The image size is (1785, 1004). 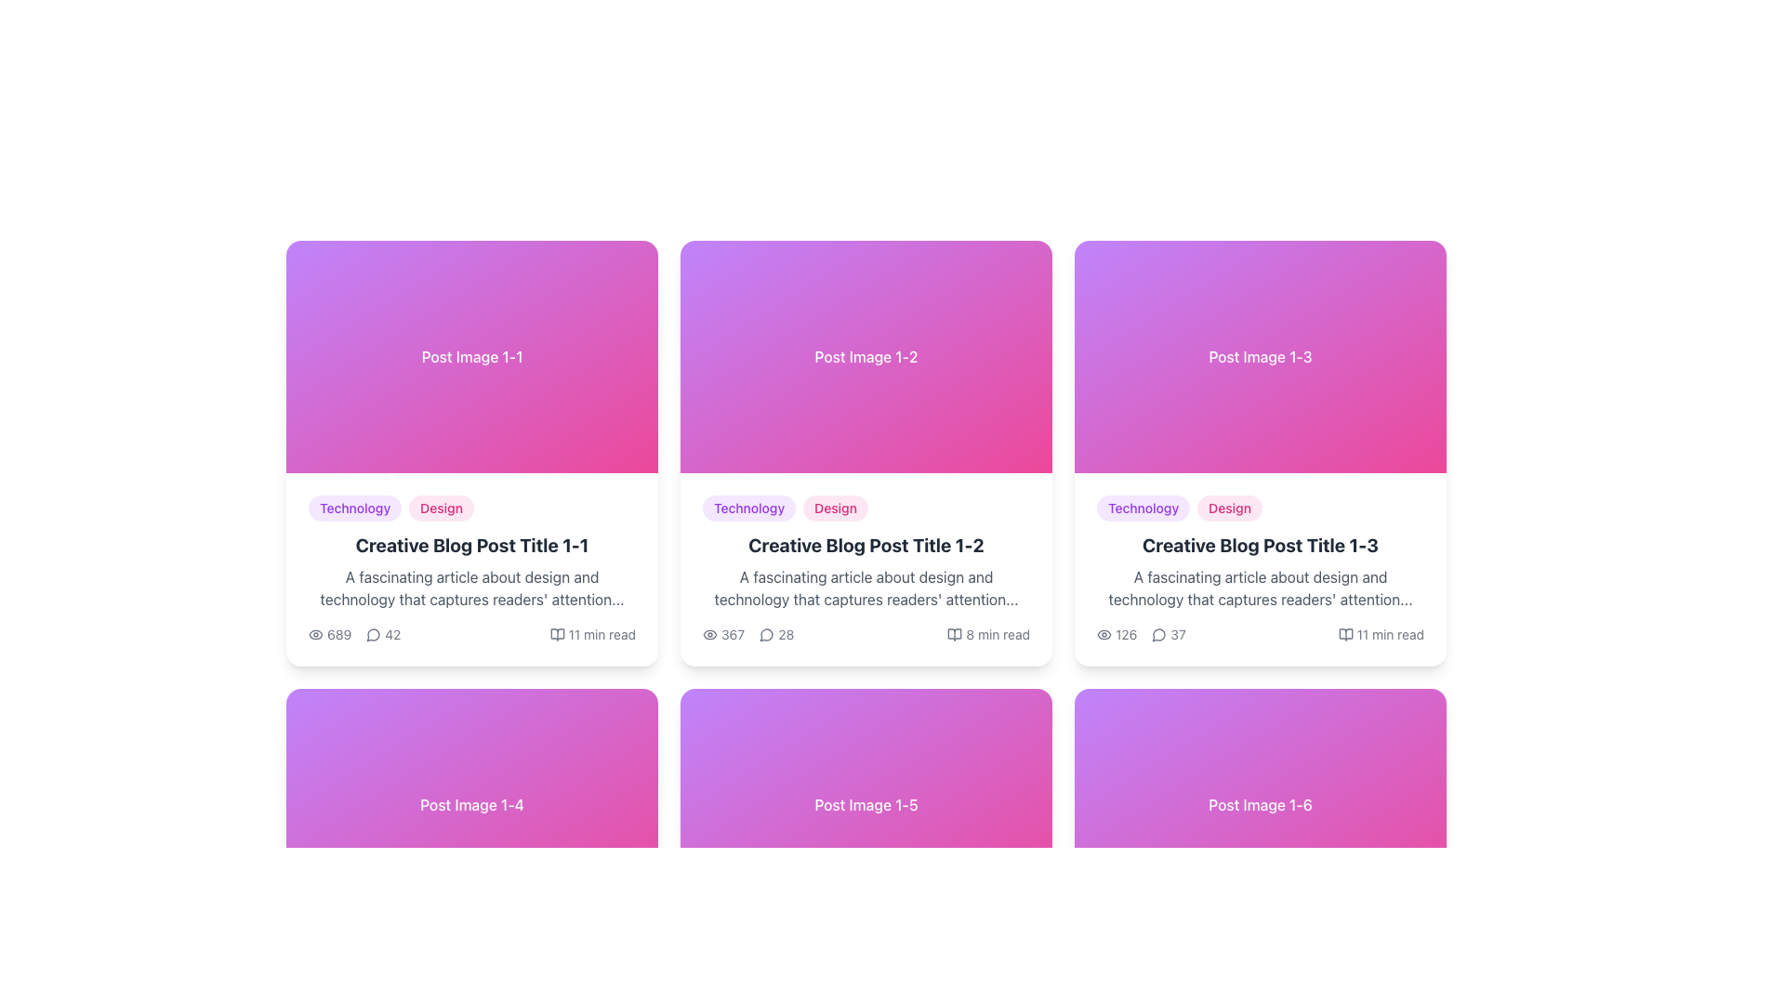 What do you see at coordinates (1261, 804) in the screenshot?
I see `the Banner or header image component, which has a gradient background from purple to pink and displays the centered text 'Post Image 1-6' in white font, located in the sixth card of the grid layout` at bounding box center [1261, 804].